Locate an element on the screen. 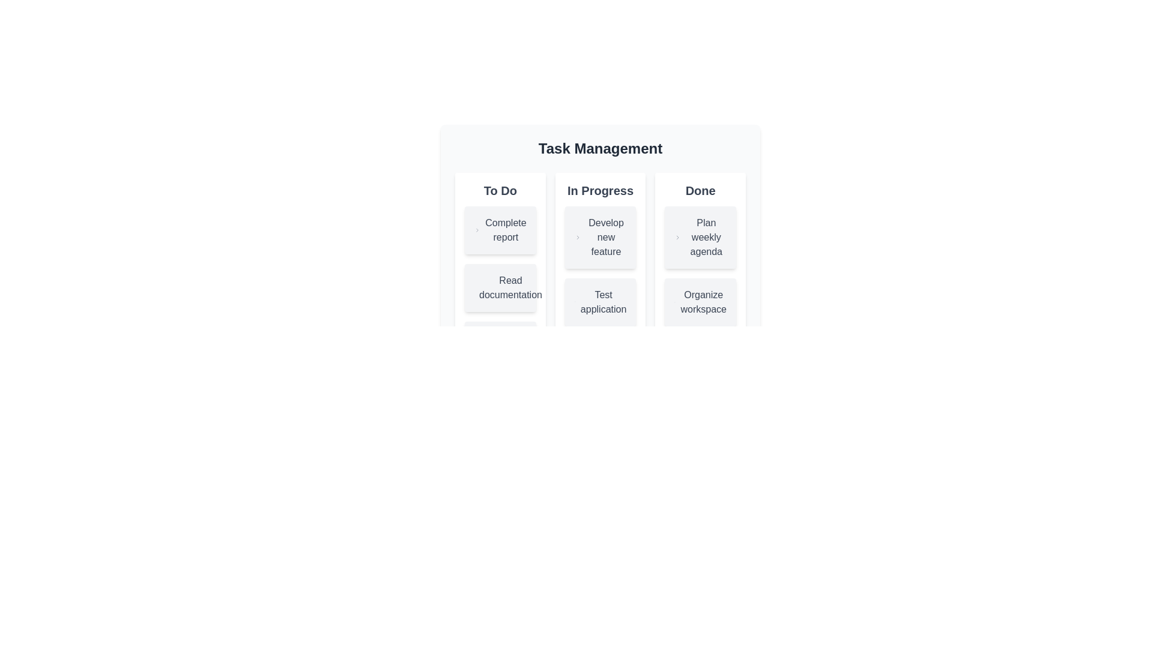 This screenshot has width=1153, height=648. the 'Complete report' button, which is a light gray rectangular button with rounded corners and a chevron icon, located in the 'To Do' column of the task management interface is located at coordinates (500, 230).